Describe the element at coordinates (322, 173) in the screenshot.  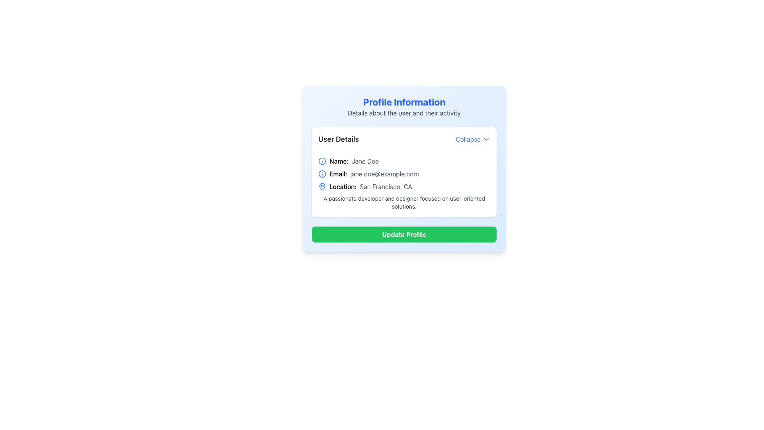
I see `the blue circular icon with an 'i' symbol located to the left of the text 'Email: jane.doe@example.com' in the 'User Details' section` at that location.